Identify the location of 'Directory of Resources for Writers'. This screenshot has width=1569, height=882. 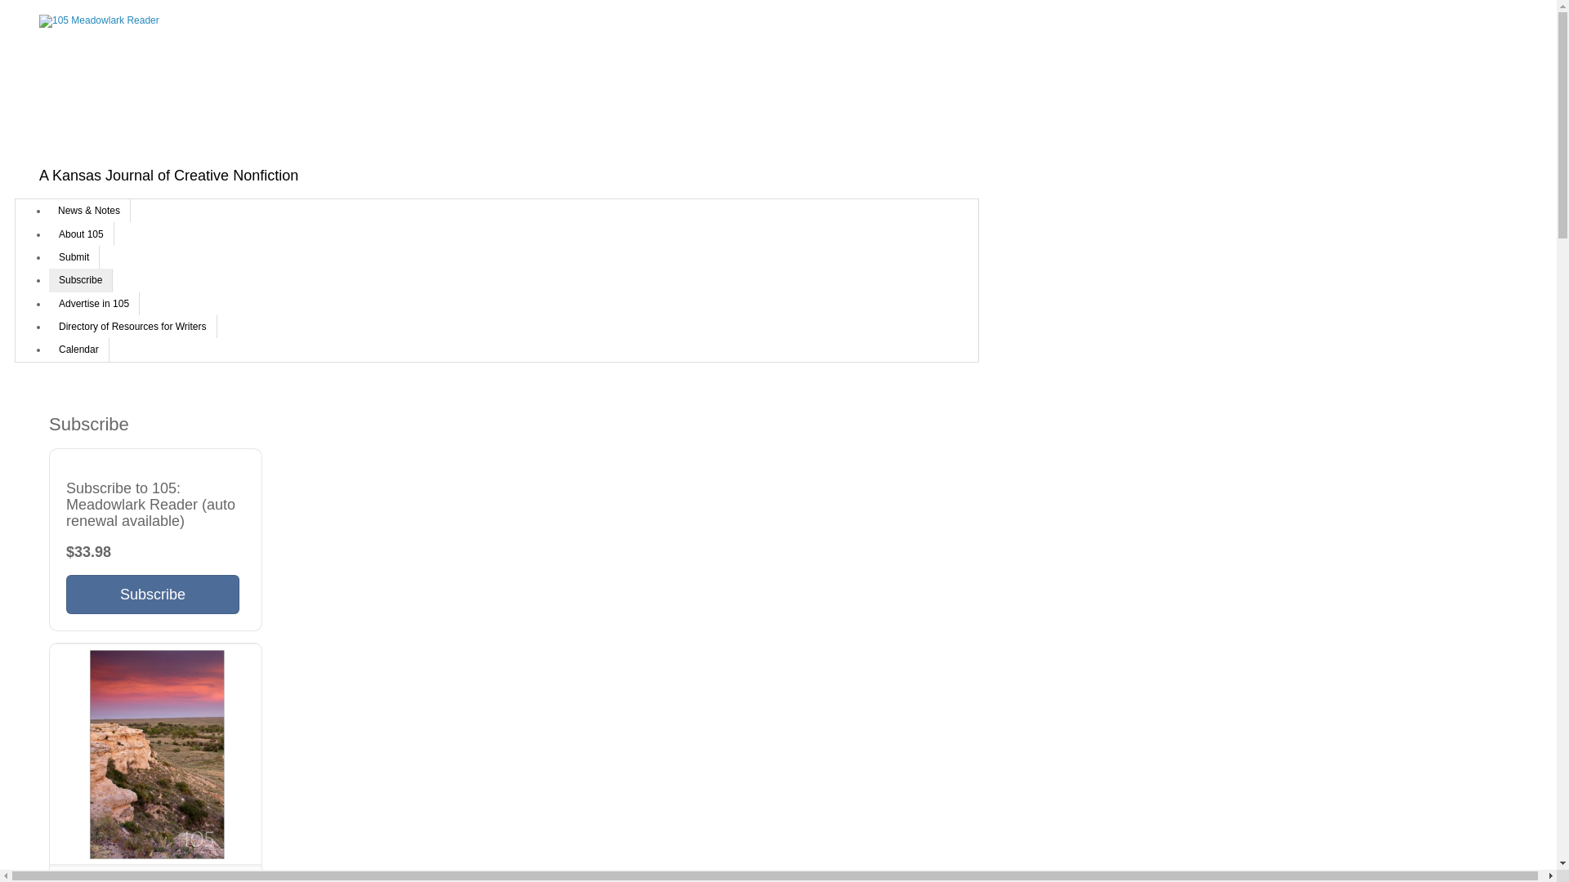
(132, 327).